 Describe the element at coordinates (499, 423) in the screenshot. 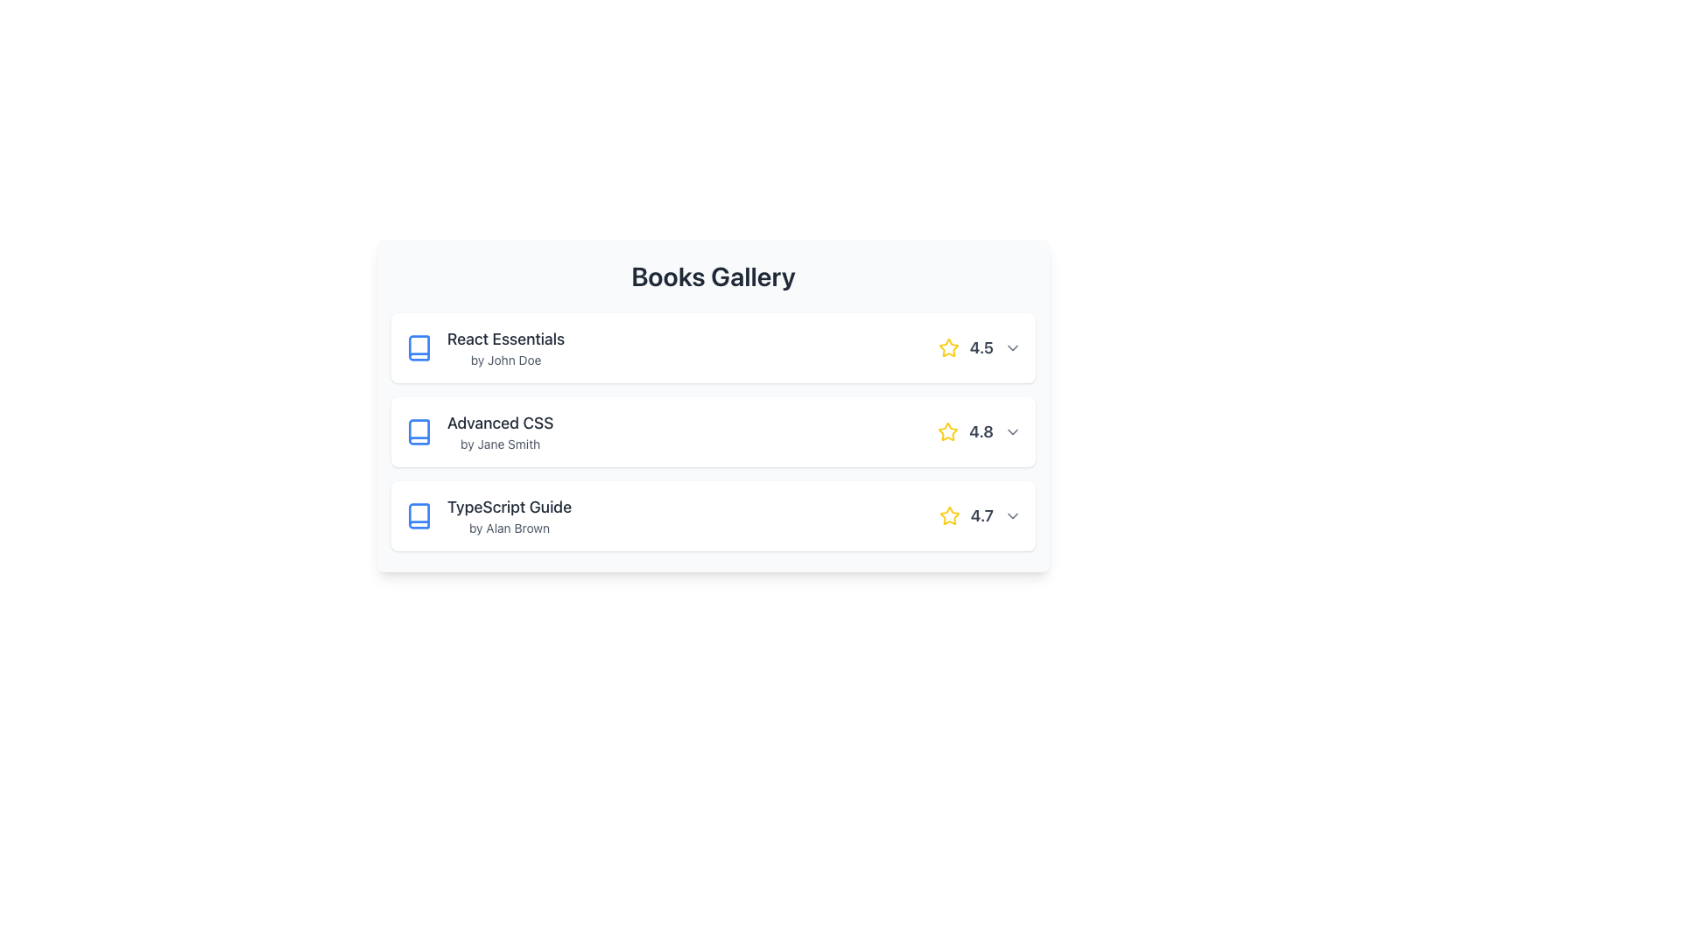

I see `text label displaying 'Advanced CSS' which is the title of the second entry in the list of books, styled in bold dark gray font` at that location.